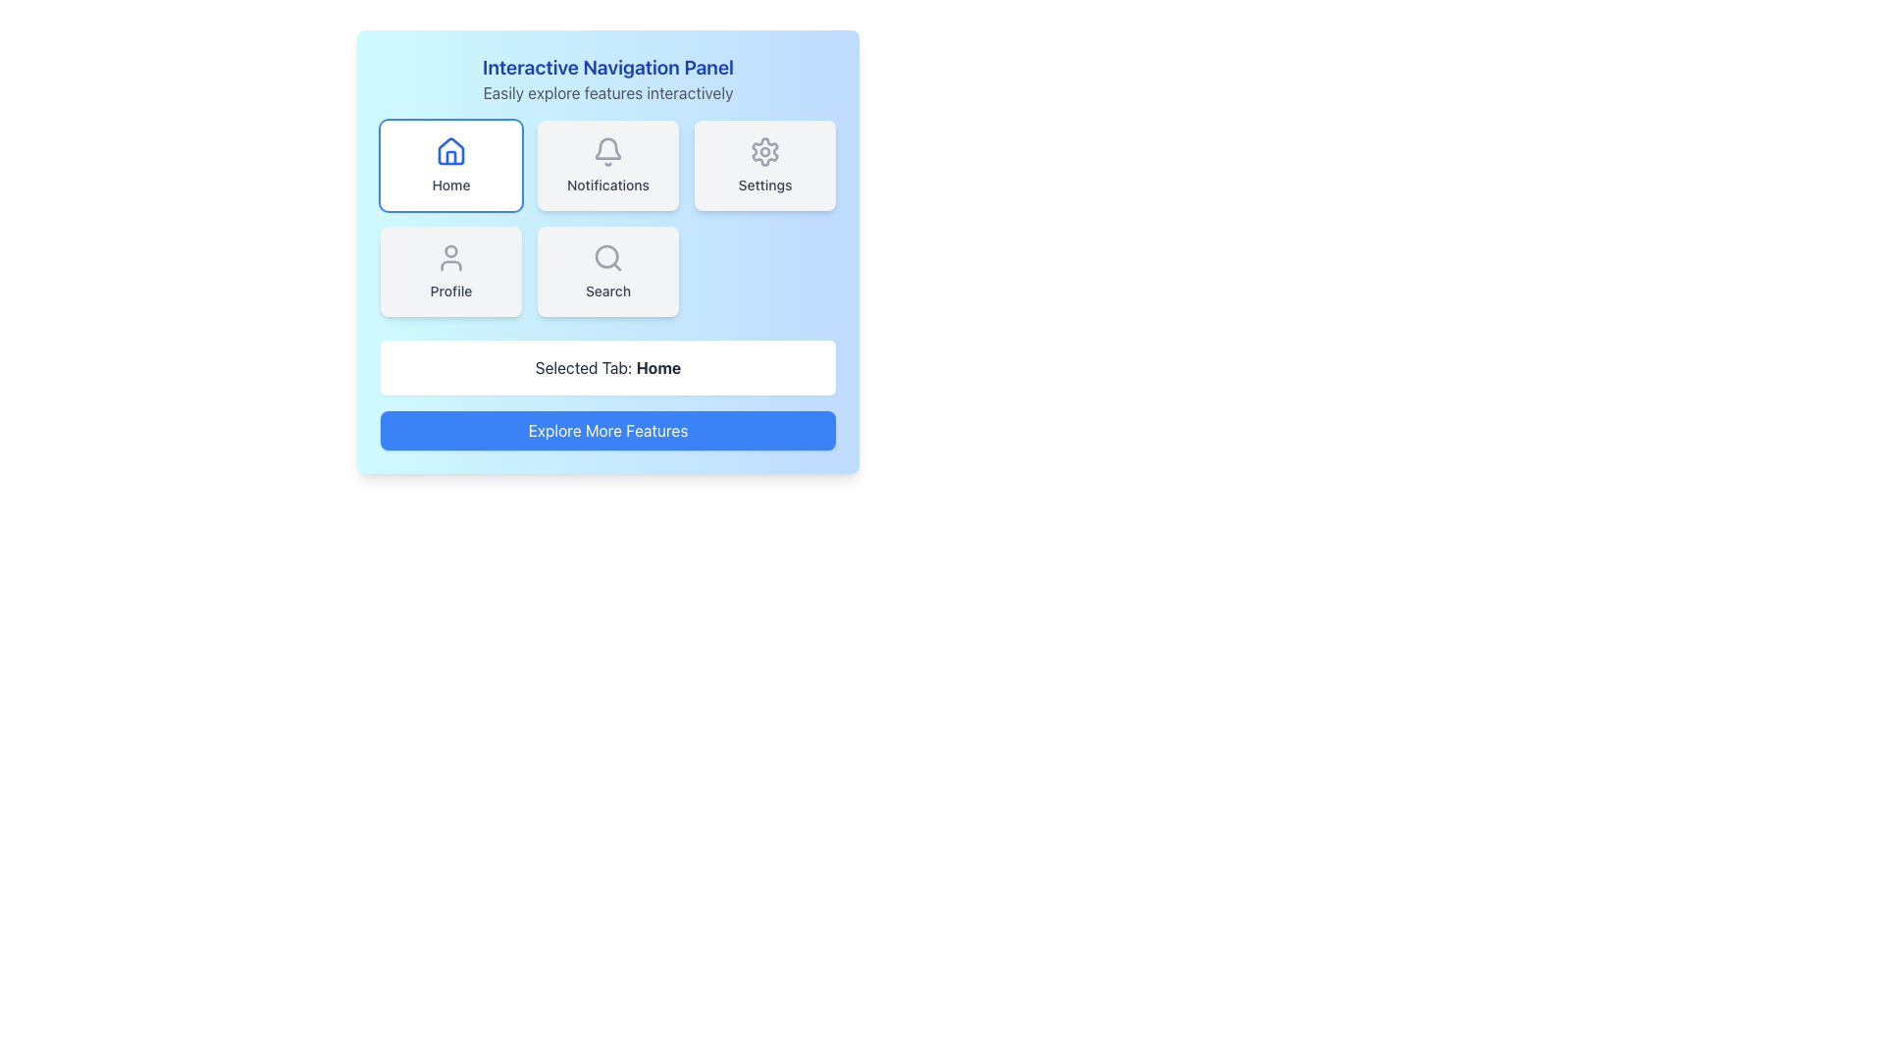 Image resolution: width=1884 pixels, height=1060 pixels. What do you see at coordinates (763, 150) in the screenshot?
I see `the gear icon representing the settings within the navigation panel, located in the top right corner of the interface` at bounding box center [763, 150].